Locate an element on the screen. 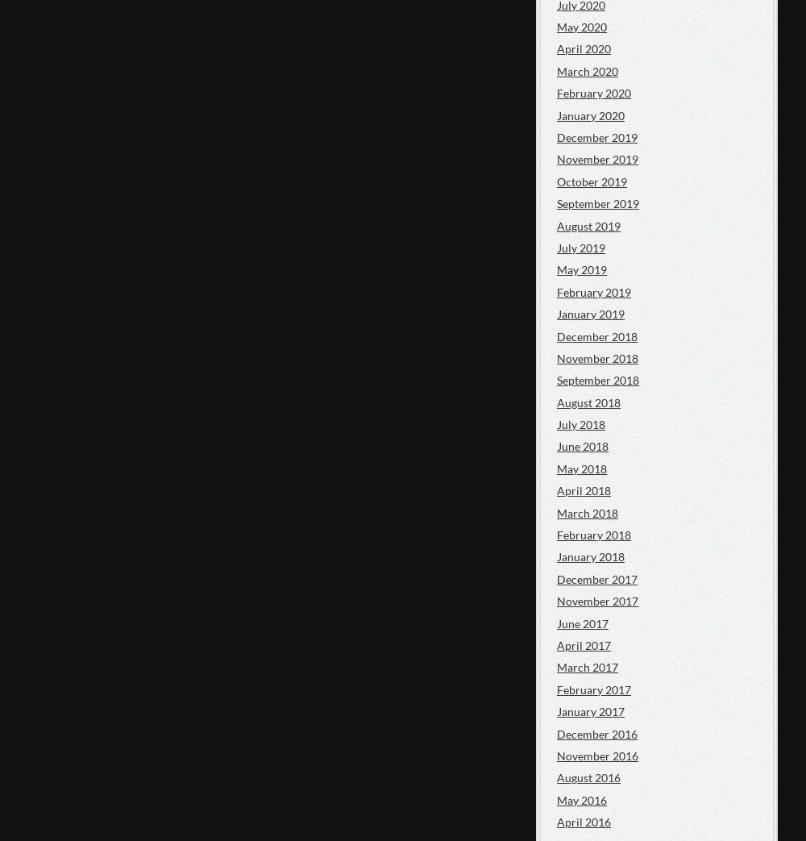 Image resolution: width=806 pixels, height=841 pixels. 'May 2020' is located at coordinates (581, 26).